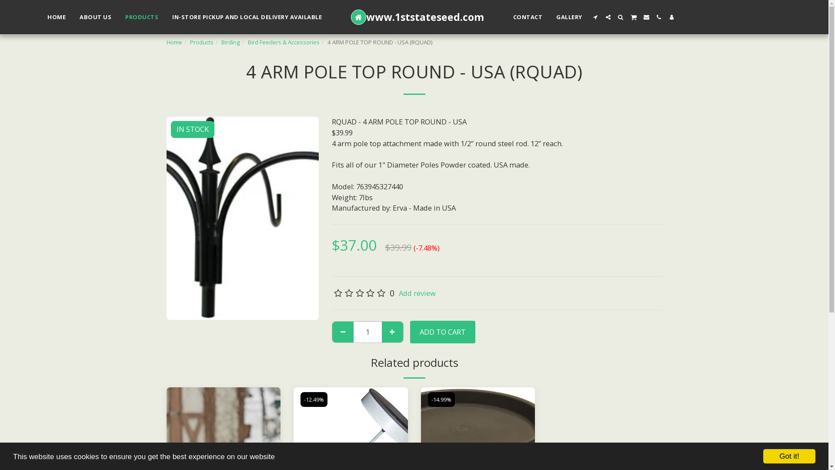  I want to click on 'HOME', so click(56, 17).